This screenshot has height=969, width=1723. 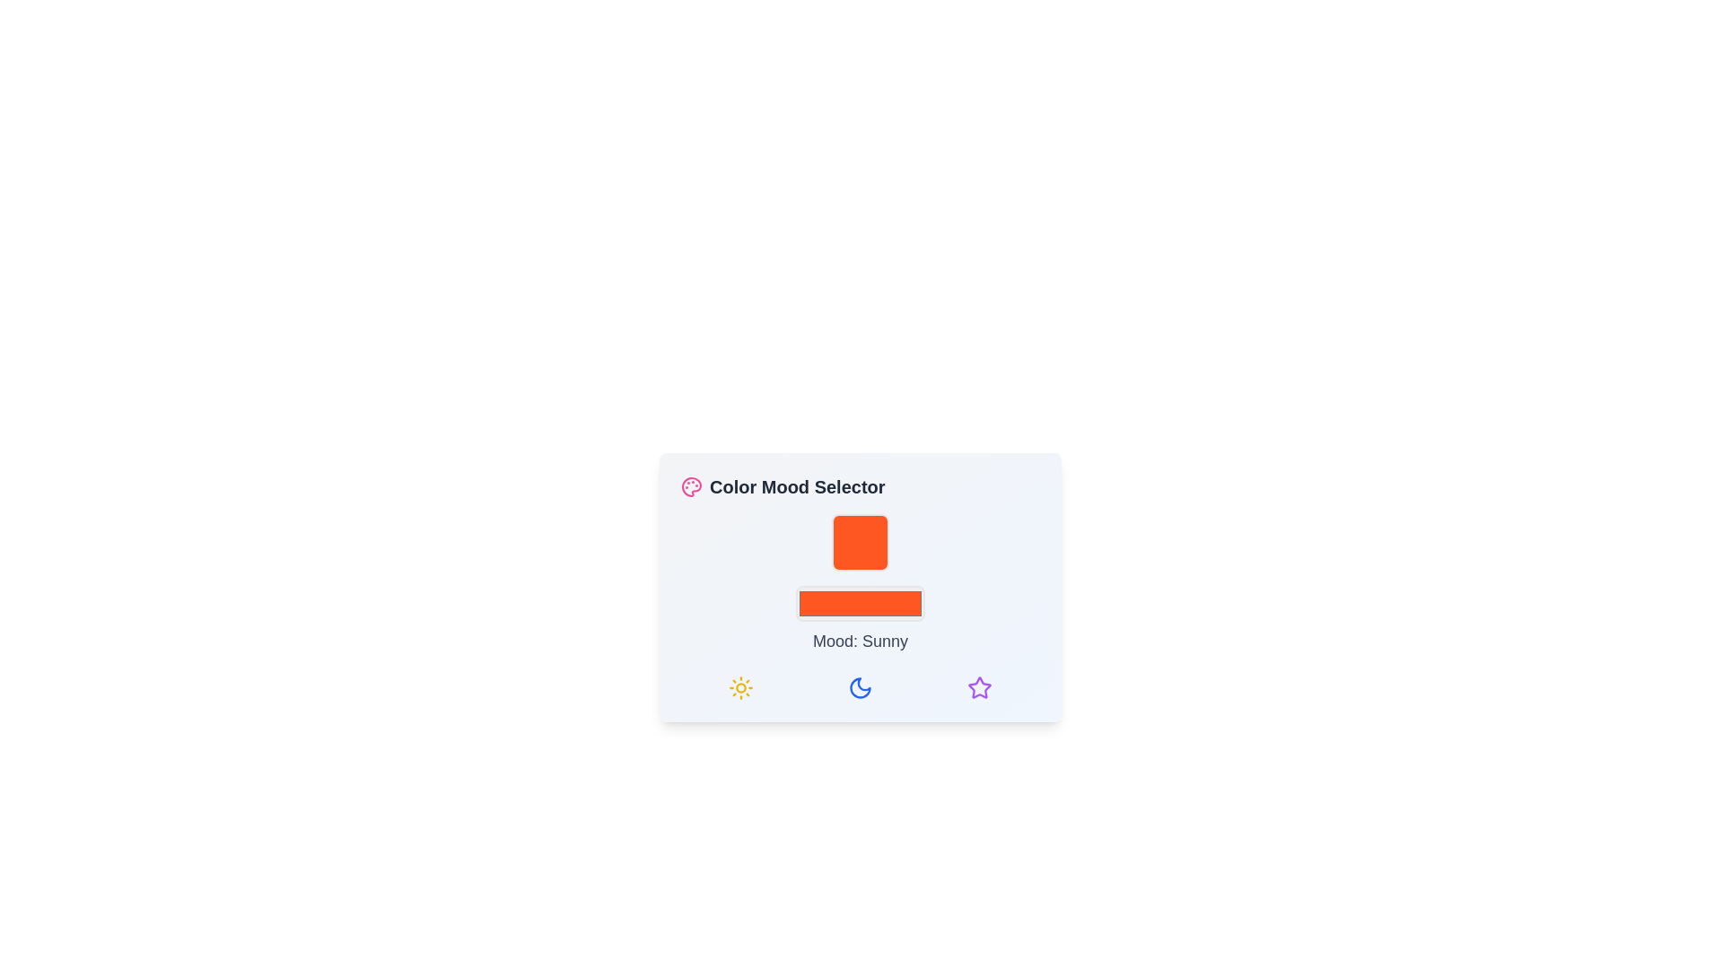 What do you see at coordinates (691, 487) in the screenshot?
I see `the circular pink palette icon located at the top-left corner of the 'Color Mood Selector' card` at bounding box center [691, 487].